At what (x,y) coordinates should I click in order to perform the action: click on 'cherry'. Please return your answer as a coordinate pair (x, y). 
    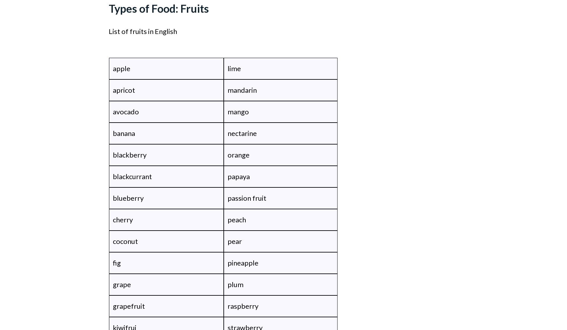
    Looking at the image, I should click on (122, 219).